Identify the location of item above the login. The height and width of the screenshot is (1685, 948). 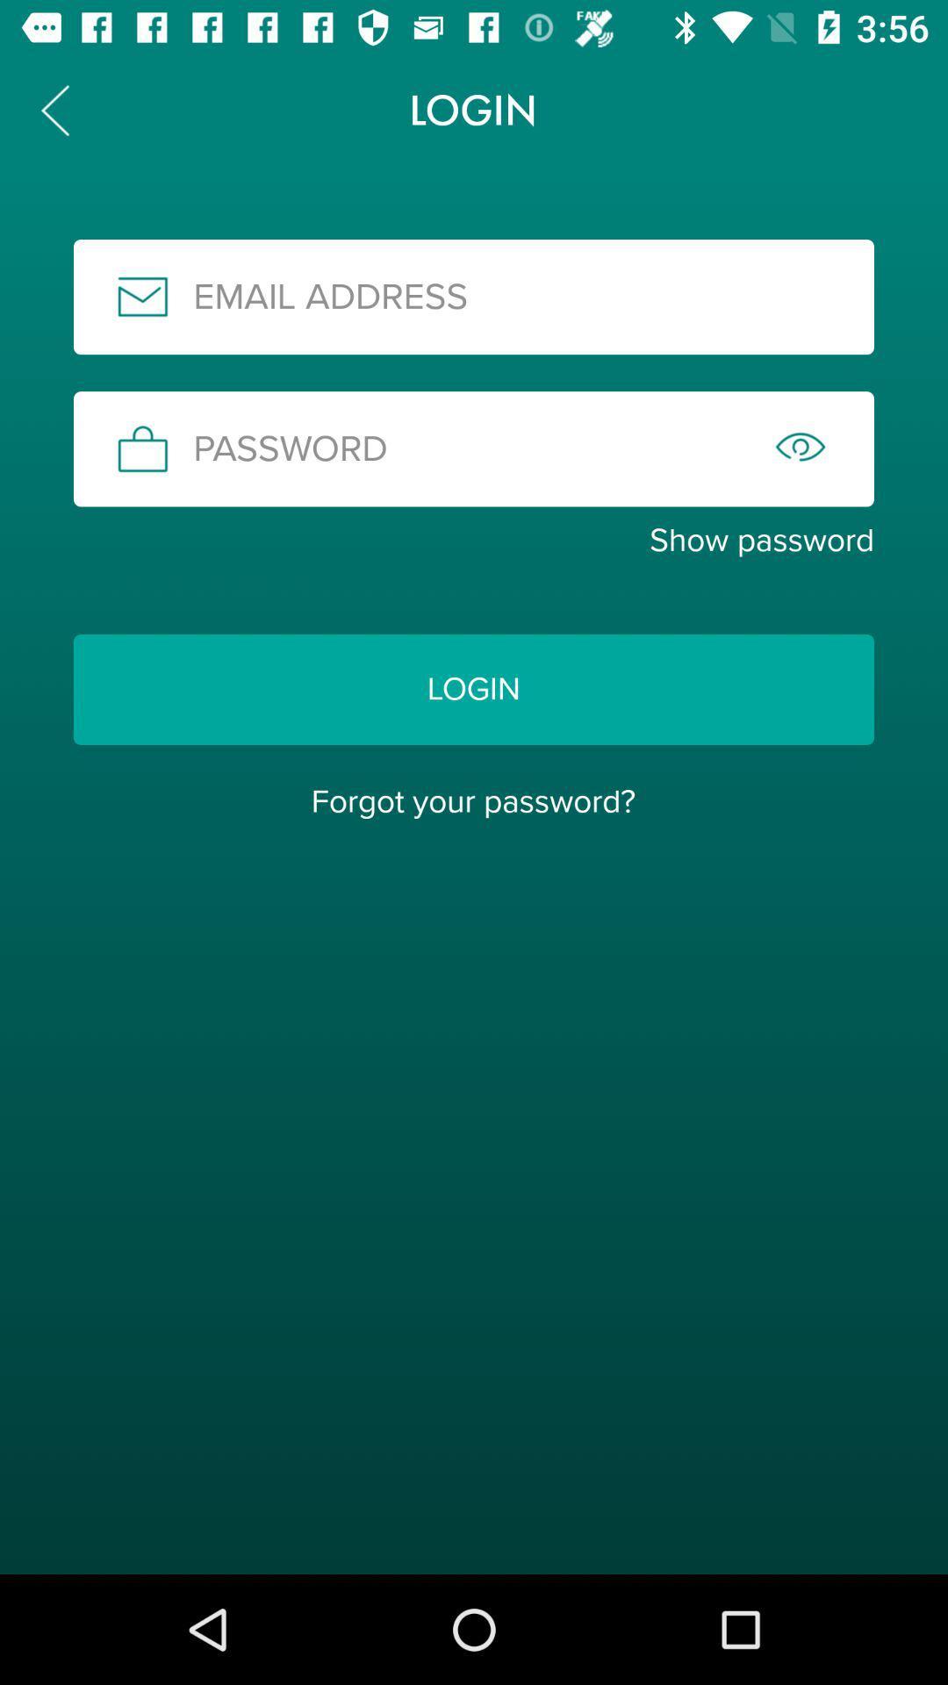
(474, 540).